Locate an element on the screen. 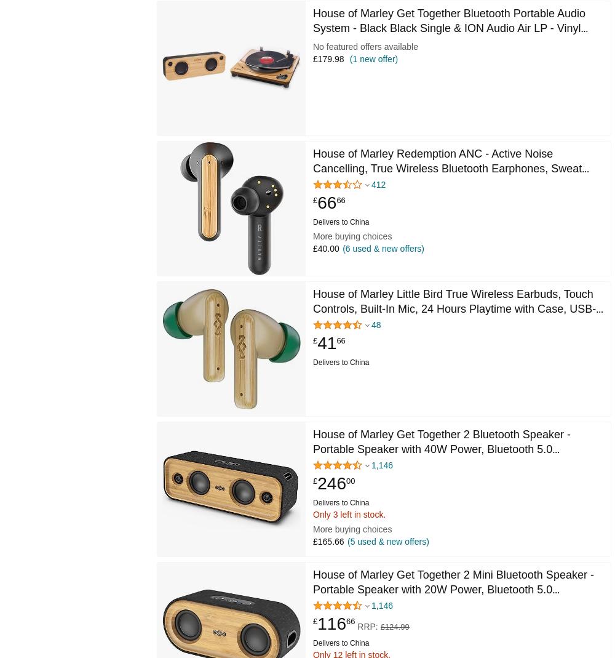 The width and height of the screenshot is (615, 658). 'House of Marley Redemption ANC - Active Noise Cancelling, True Wireless Bluetooth Earphones, Sweat Resistant Earbuds, 28 Hours Playtime, USB-C Quick Charge, Eco-Friendly Bamboo - Signature Black' is located at coordinates (446, 175).